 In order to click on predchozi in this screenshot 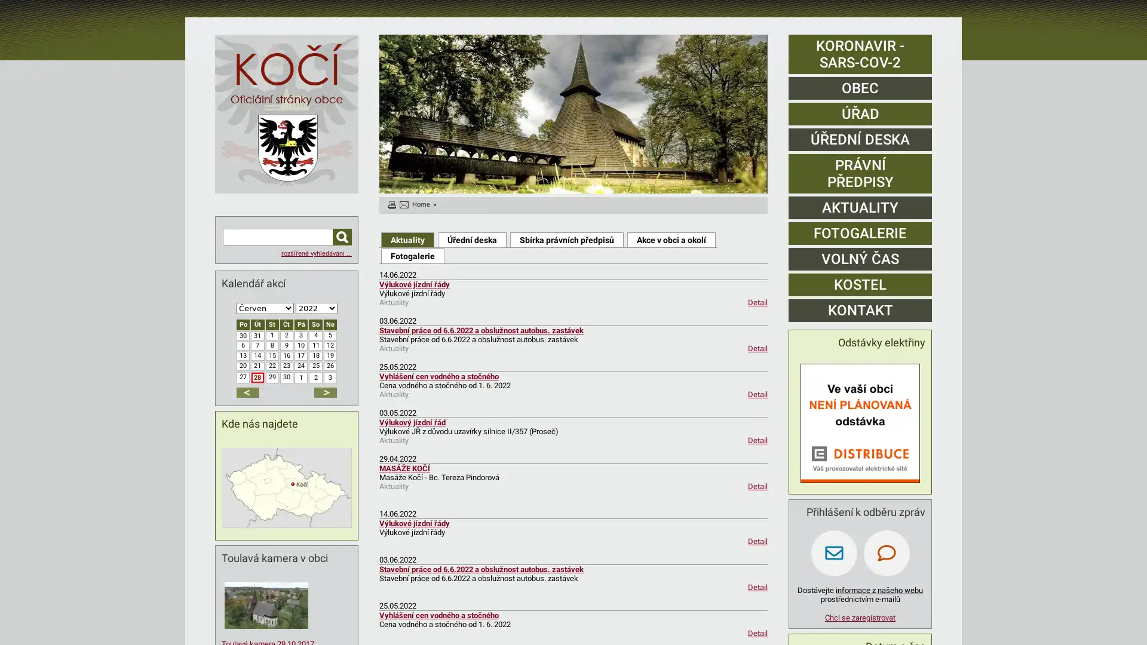, I will do `click(247, 392)`.